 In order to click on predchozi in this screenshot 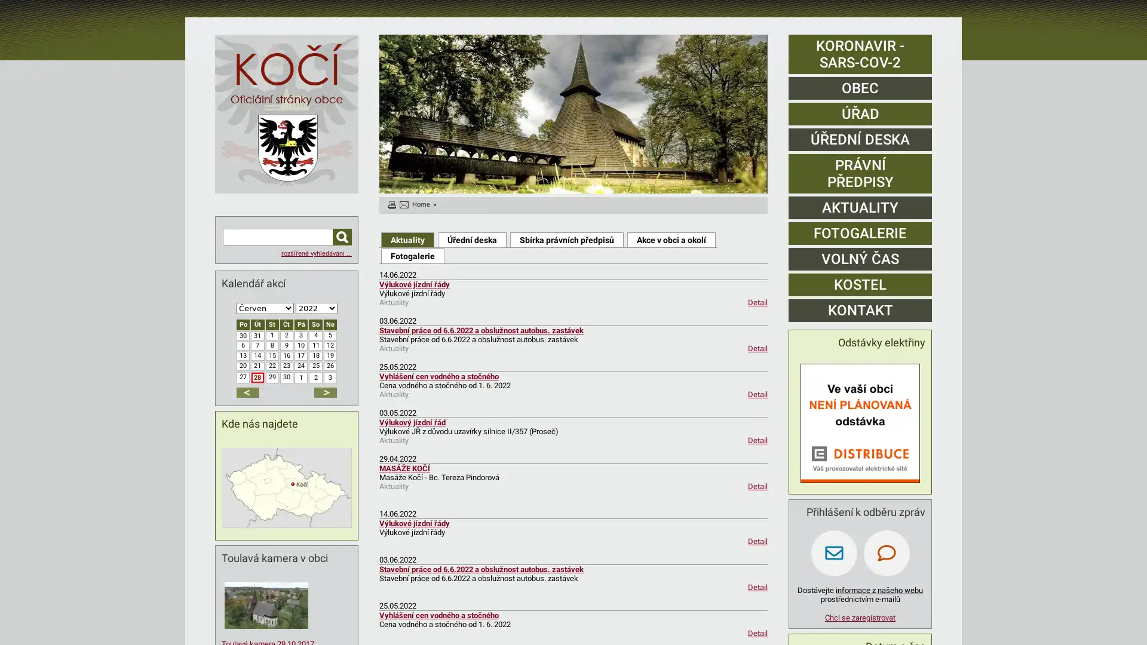, I will do `click(247, 392)`.